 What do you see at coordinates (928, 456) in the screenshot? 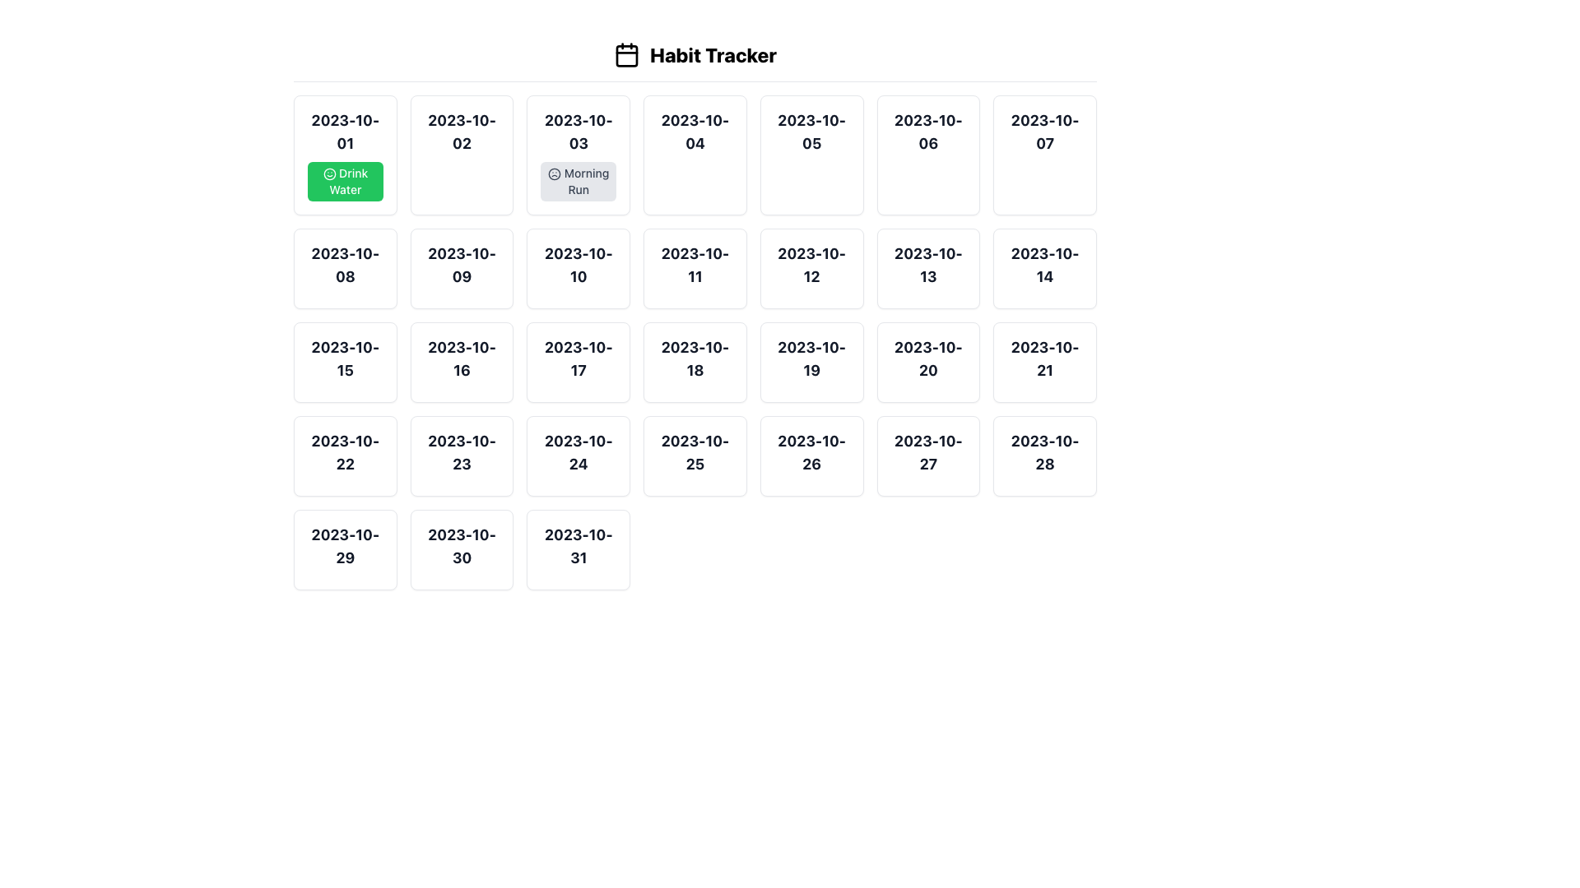
I see `the Date Card representing a specific date in the habit tracker interface located in the fifth column of the sixth row in the calendar view` at bounding box center [928, 456].